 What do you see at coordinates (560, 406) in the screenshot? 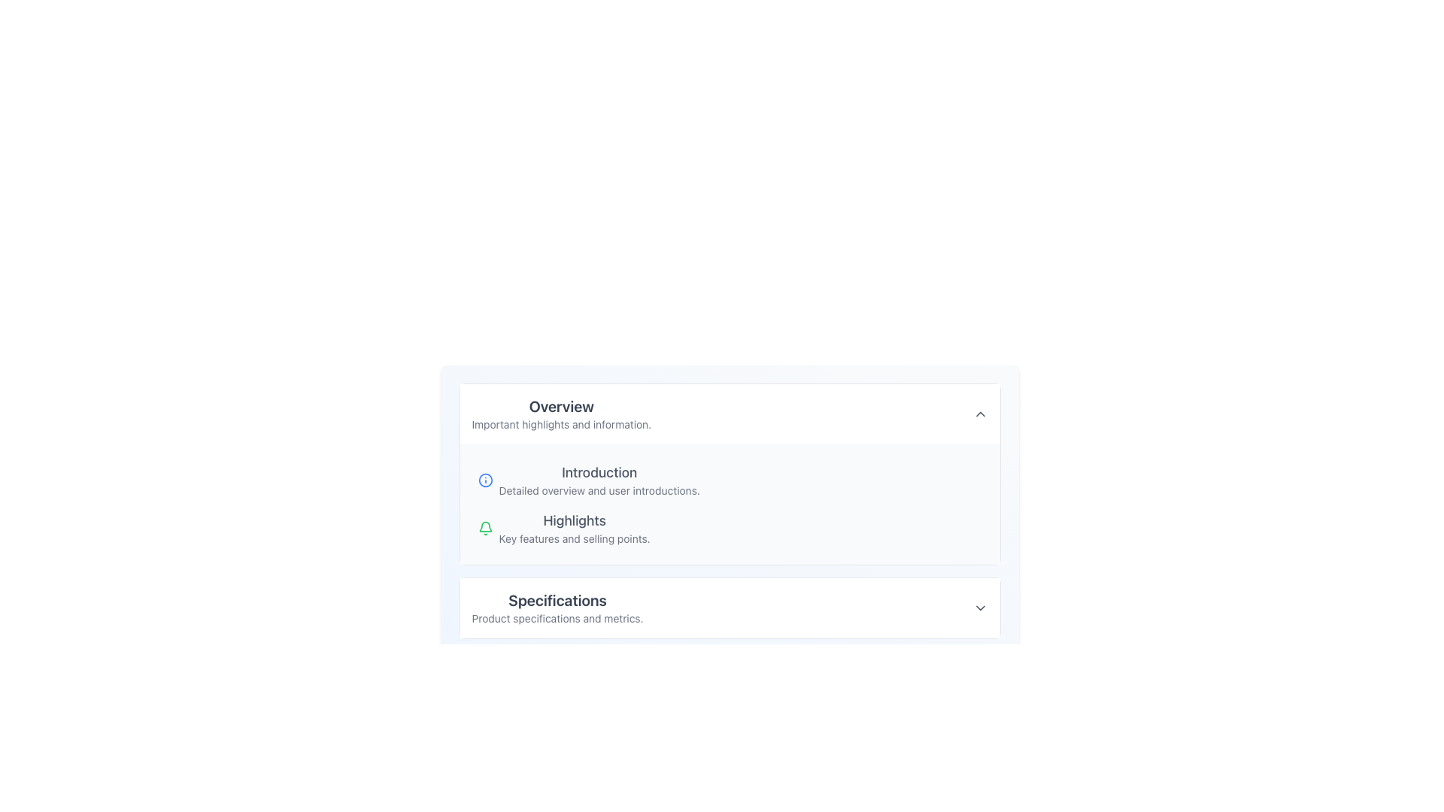
I see `the text label displaying 'Overview', which is styled in bold and larger dark gray font, located near the top of the section providing a summary` at bounding box center [560, 406].